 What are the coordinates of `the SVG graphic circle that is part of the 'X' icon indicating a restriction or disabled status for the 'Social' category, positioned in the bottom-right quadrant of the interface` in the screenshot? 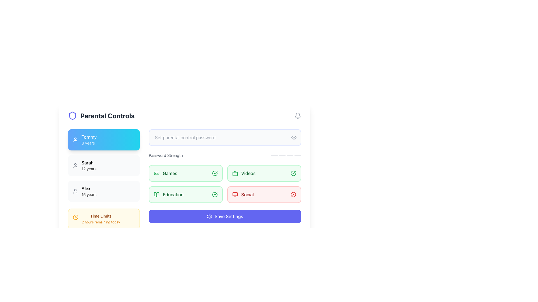 It's located at (293, 194).